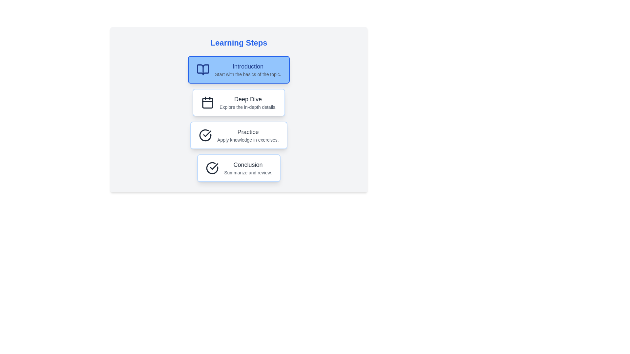  Describe the element at coordinates (247, 140) in the screenshot. I see `the text label displaying 'Apply knowledge in exercises.' which is styled in small and soft gray font, positioned below the 'Practice' heading` at that location.